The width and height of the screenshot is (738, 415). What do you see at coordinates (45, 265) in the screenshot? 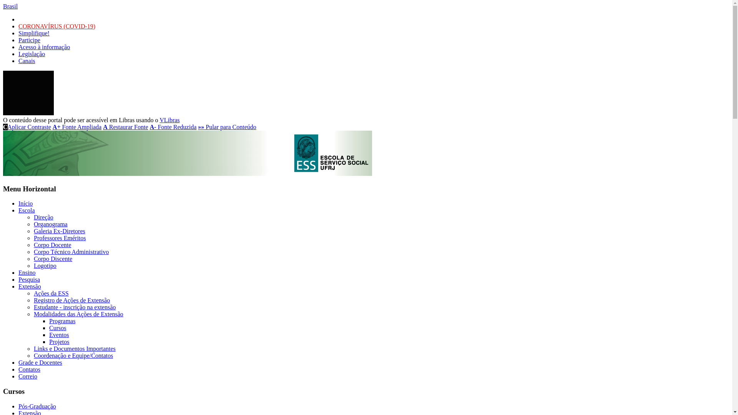
I see `'Logotipo'` at bounding box center [45, 265].